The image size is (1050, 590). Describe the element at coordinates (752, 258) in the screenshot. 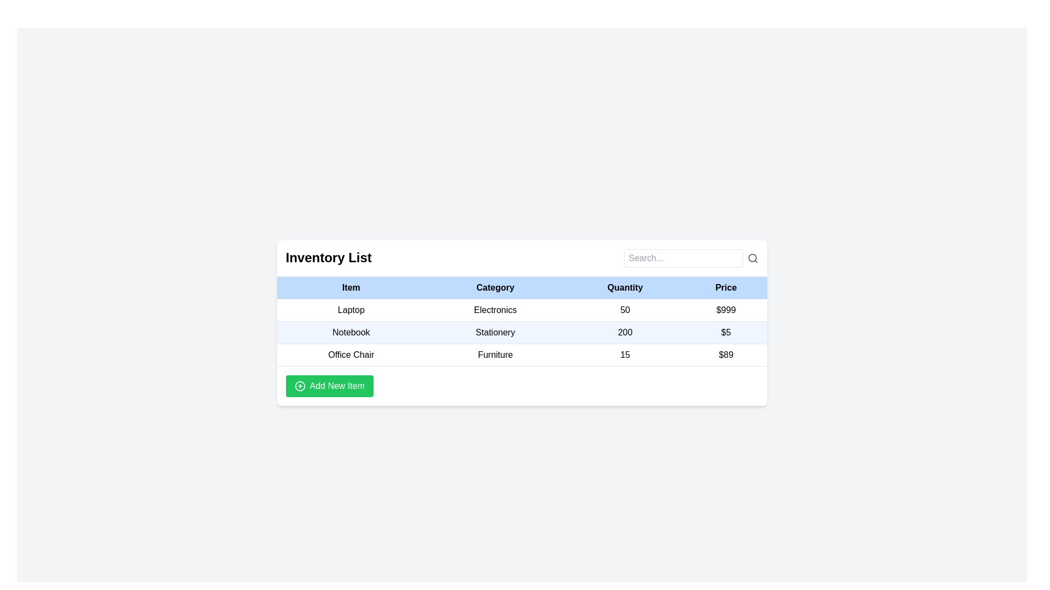

I see `the magnifying glass icon located in the top-right corner of the search input field` at that location.